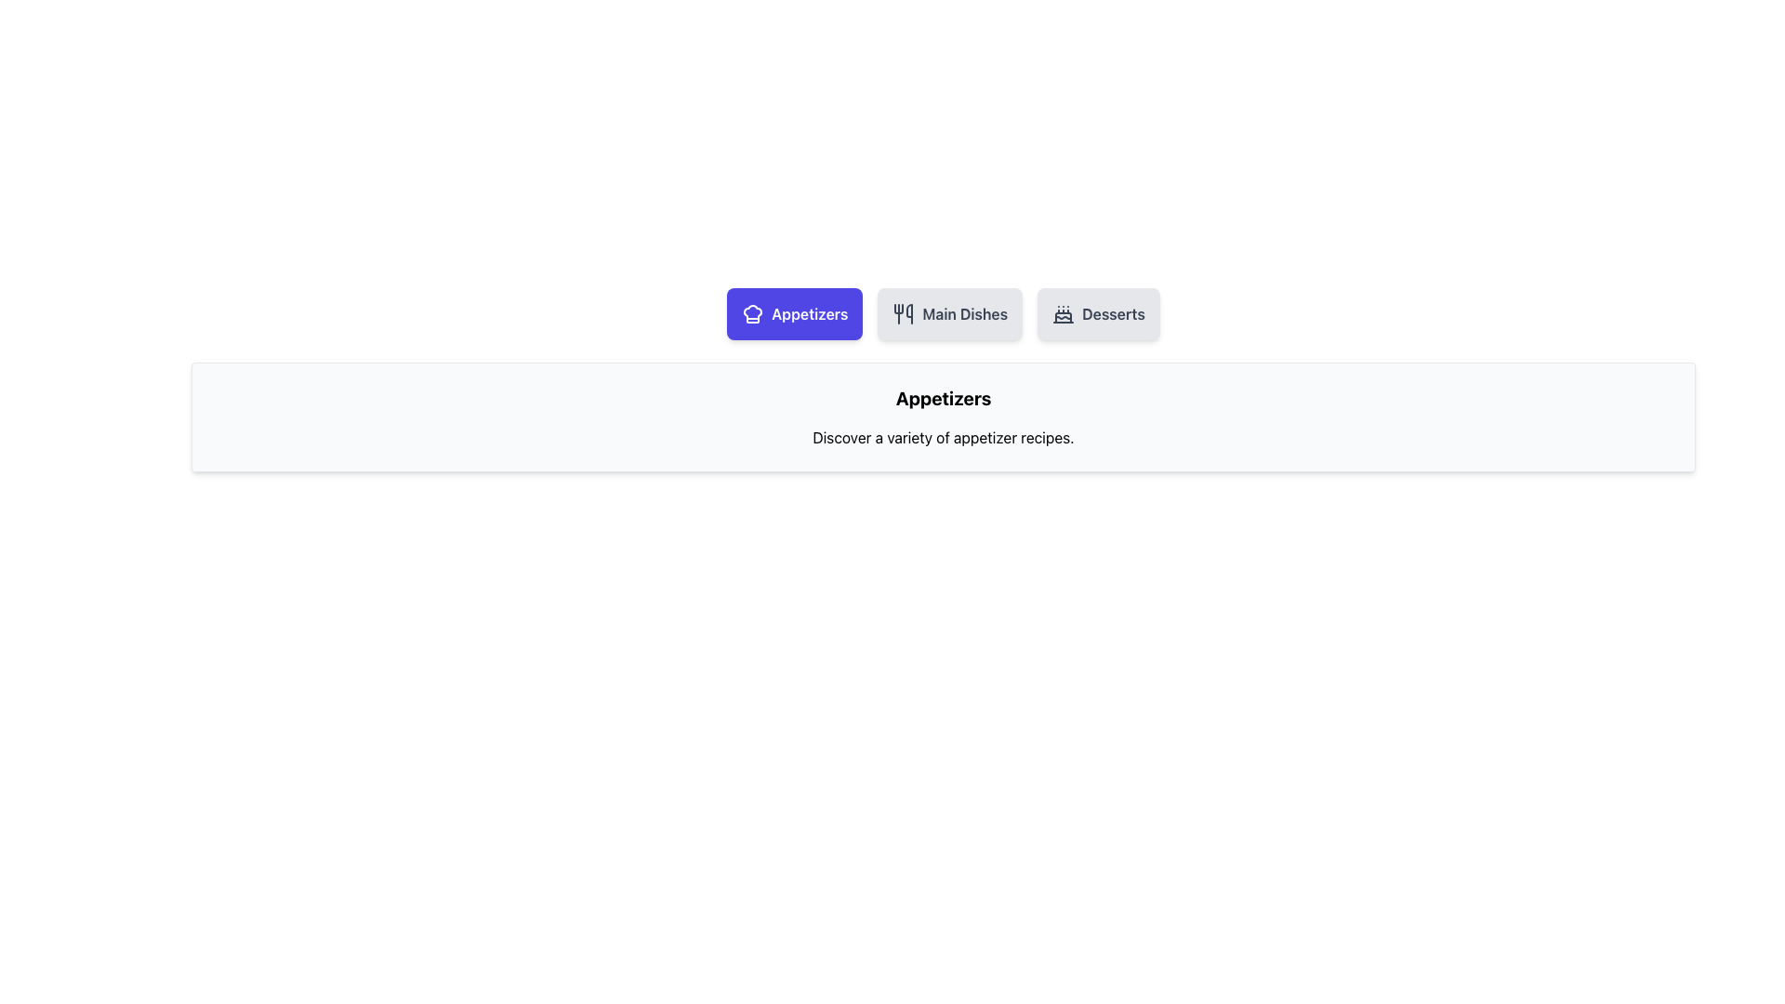  I want to click on the Appetizers section header text to possibly highlight or show additional information, so click(943, 397).